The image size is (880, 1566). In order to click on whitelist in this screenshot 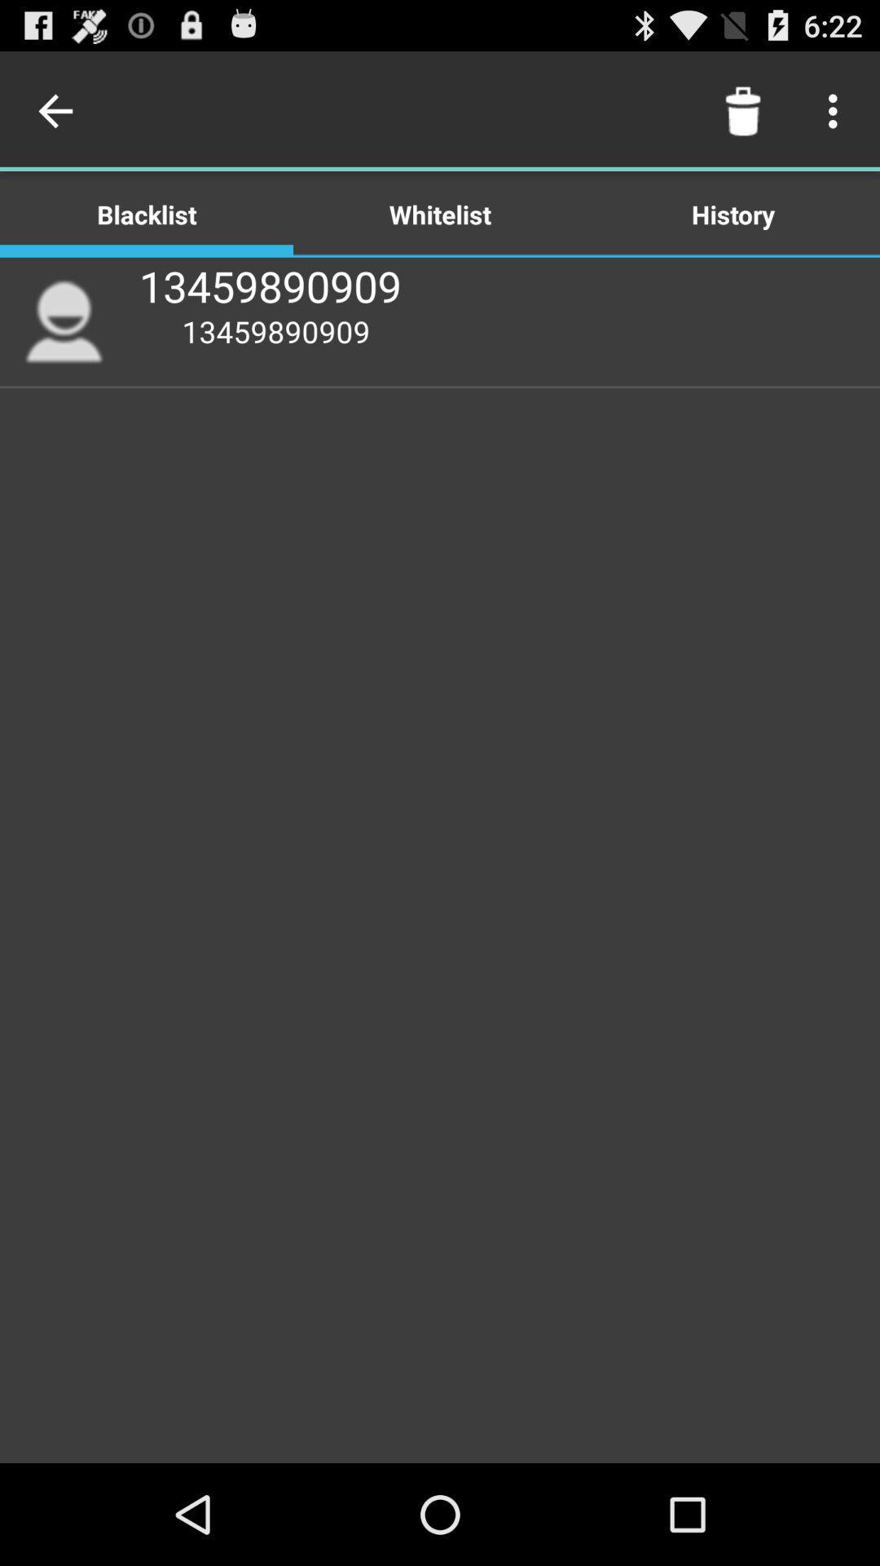, I will do `click(440, 213)`.